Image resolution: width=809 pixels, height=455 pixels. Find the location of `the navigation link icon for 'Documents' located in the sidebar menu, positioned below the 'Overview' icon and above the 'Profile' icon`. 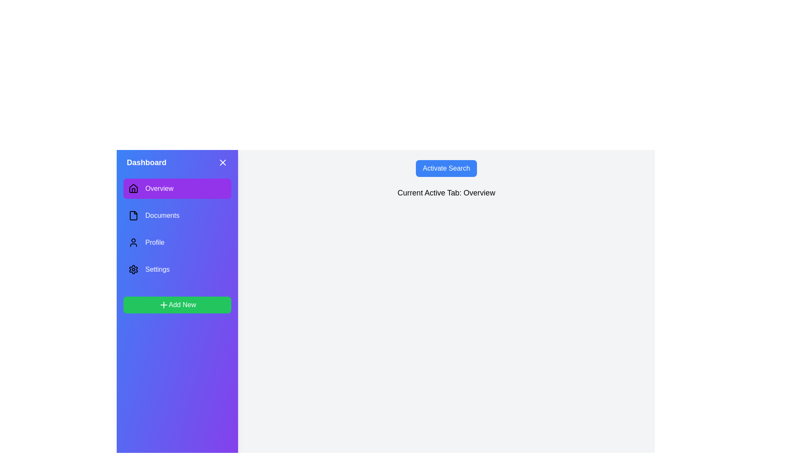

the navigation link icon for 'Documents' located in the sidebar menu, positioned below the 'Overview' icon and above the 'Profile' icon is located at coordinates (133, 215).